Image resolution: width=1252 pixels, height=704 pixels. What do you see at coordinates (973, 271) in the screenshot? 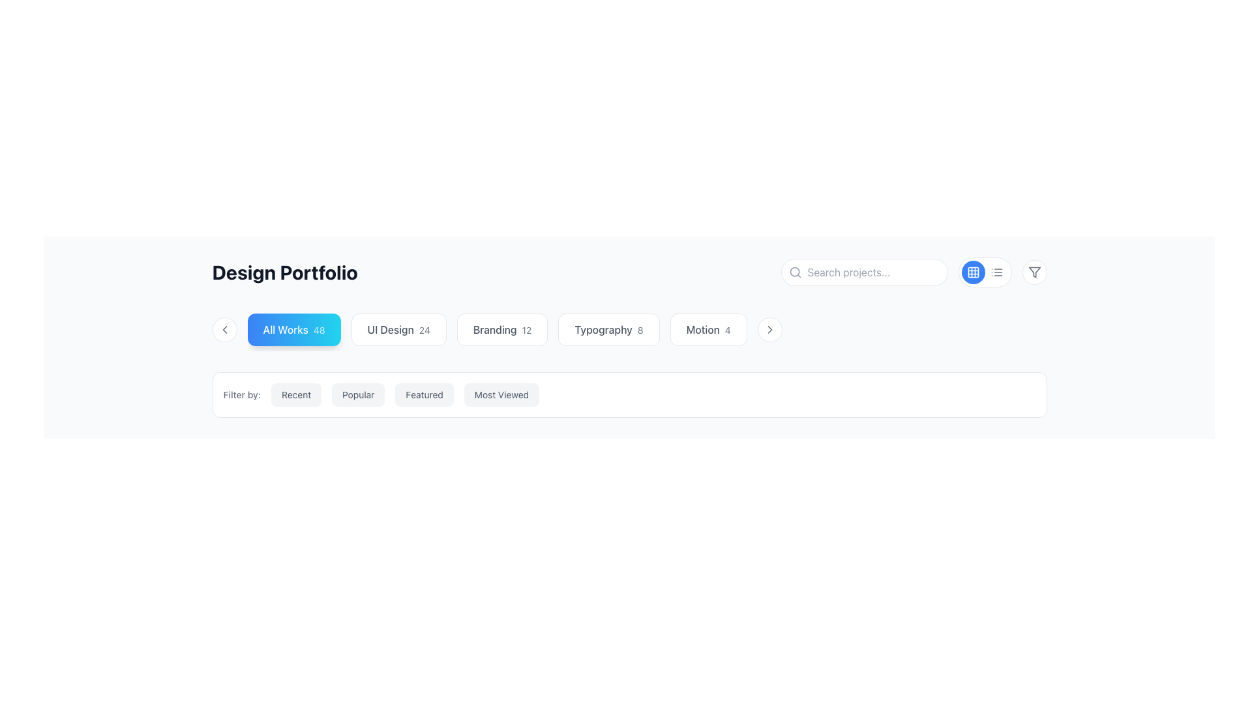
I see `the toggle button for grid view layout located on the right-hand side of the top interface bar` at bounding box center [973, 271].